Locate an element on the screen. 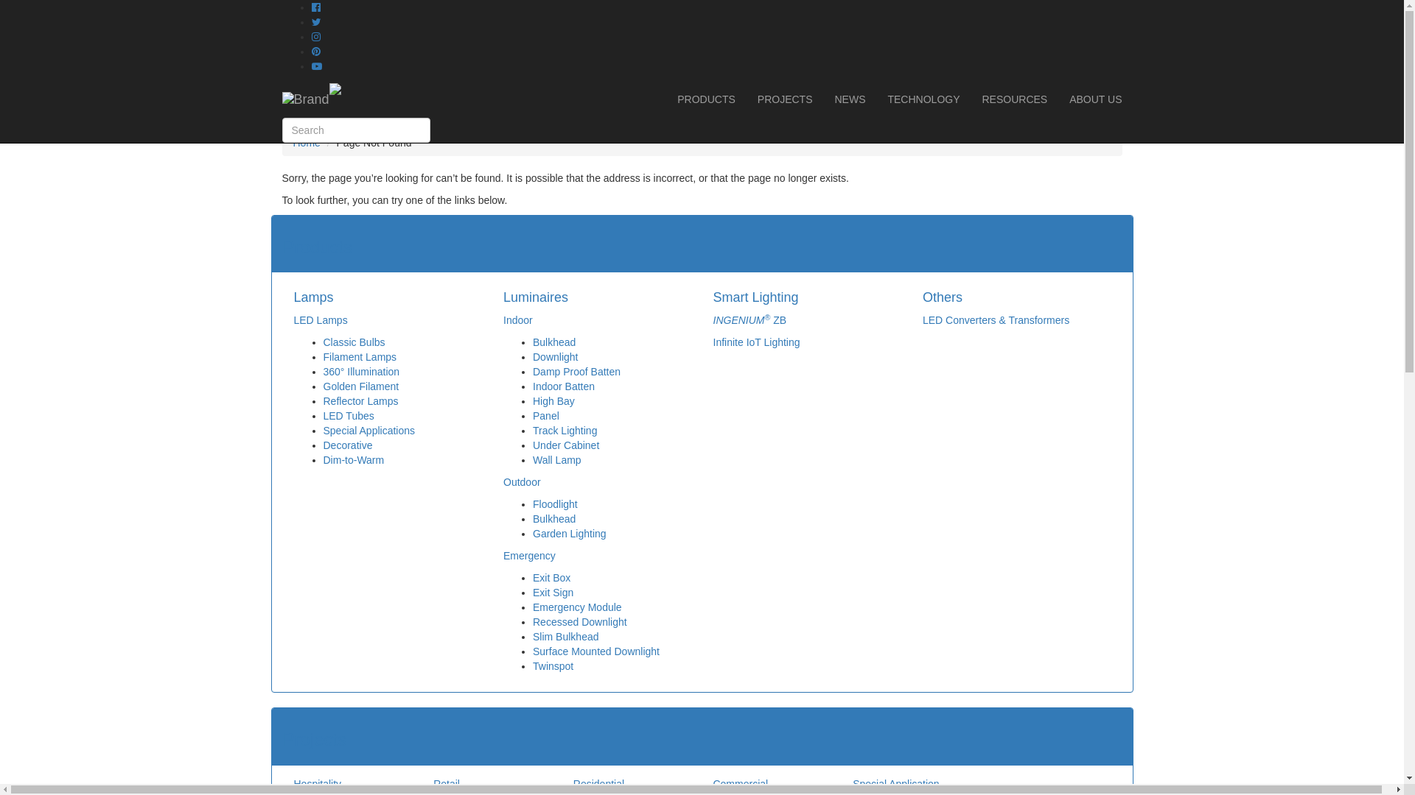  'Commercial' is located at coordinates (740, 782).